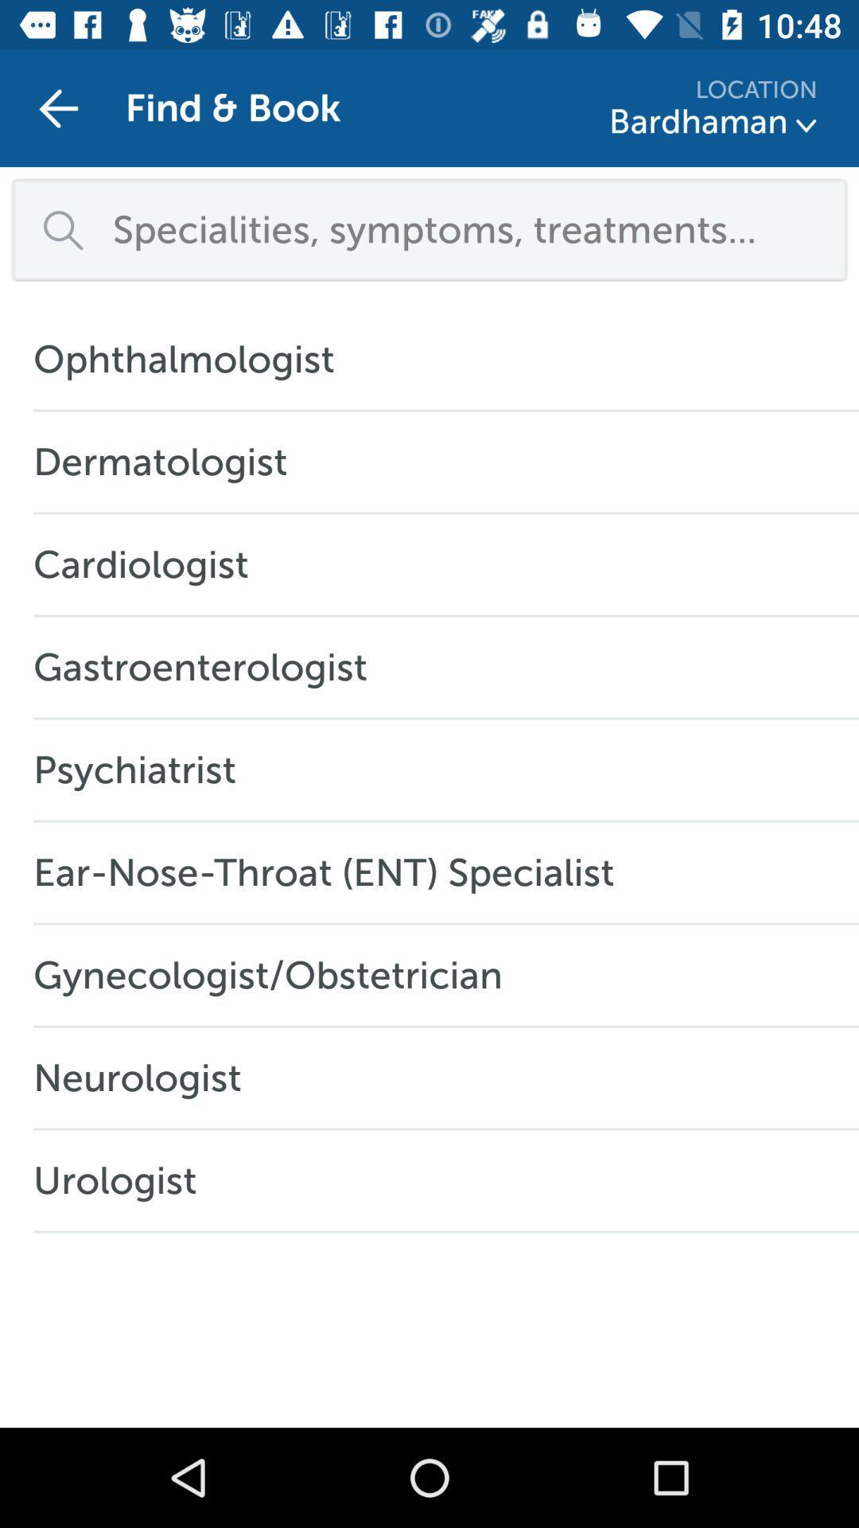  What do you see at coordinates (807, 125) in the screenshot?
I see `etc` at bounding box center [807, 125].